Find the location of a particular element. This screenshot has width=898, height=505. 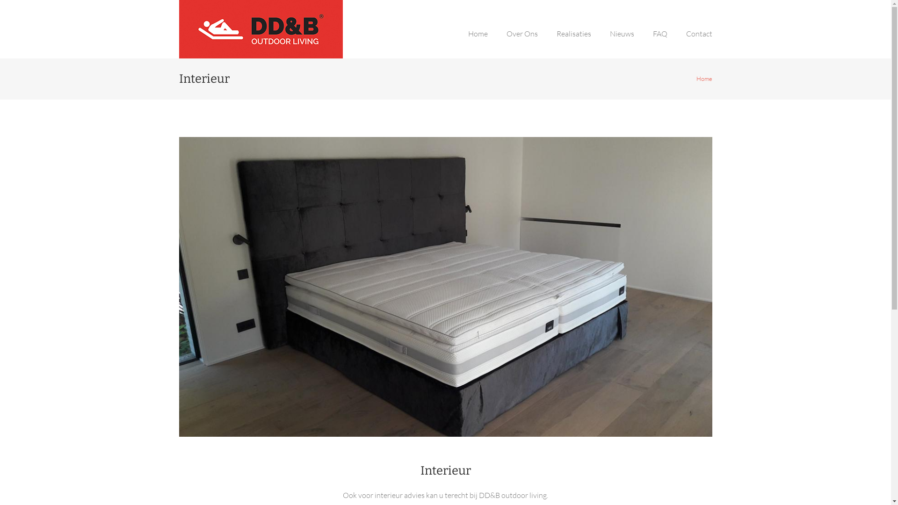

'Realisaties' is located at coordinates (547, 43).